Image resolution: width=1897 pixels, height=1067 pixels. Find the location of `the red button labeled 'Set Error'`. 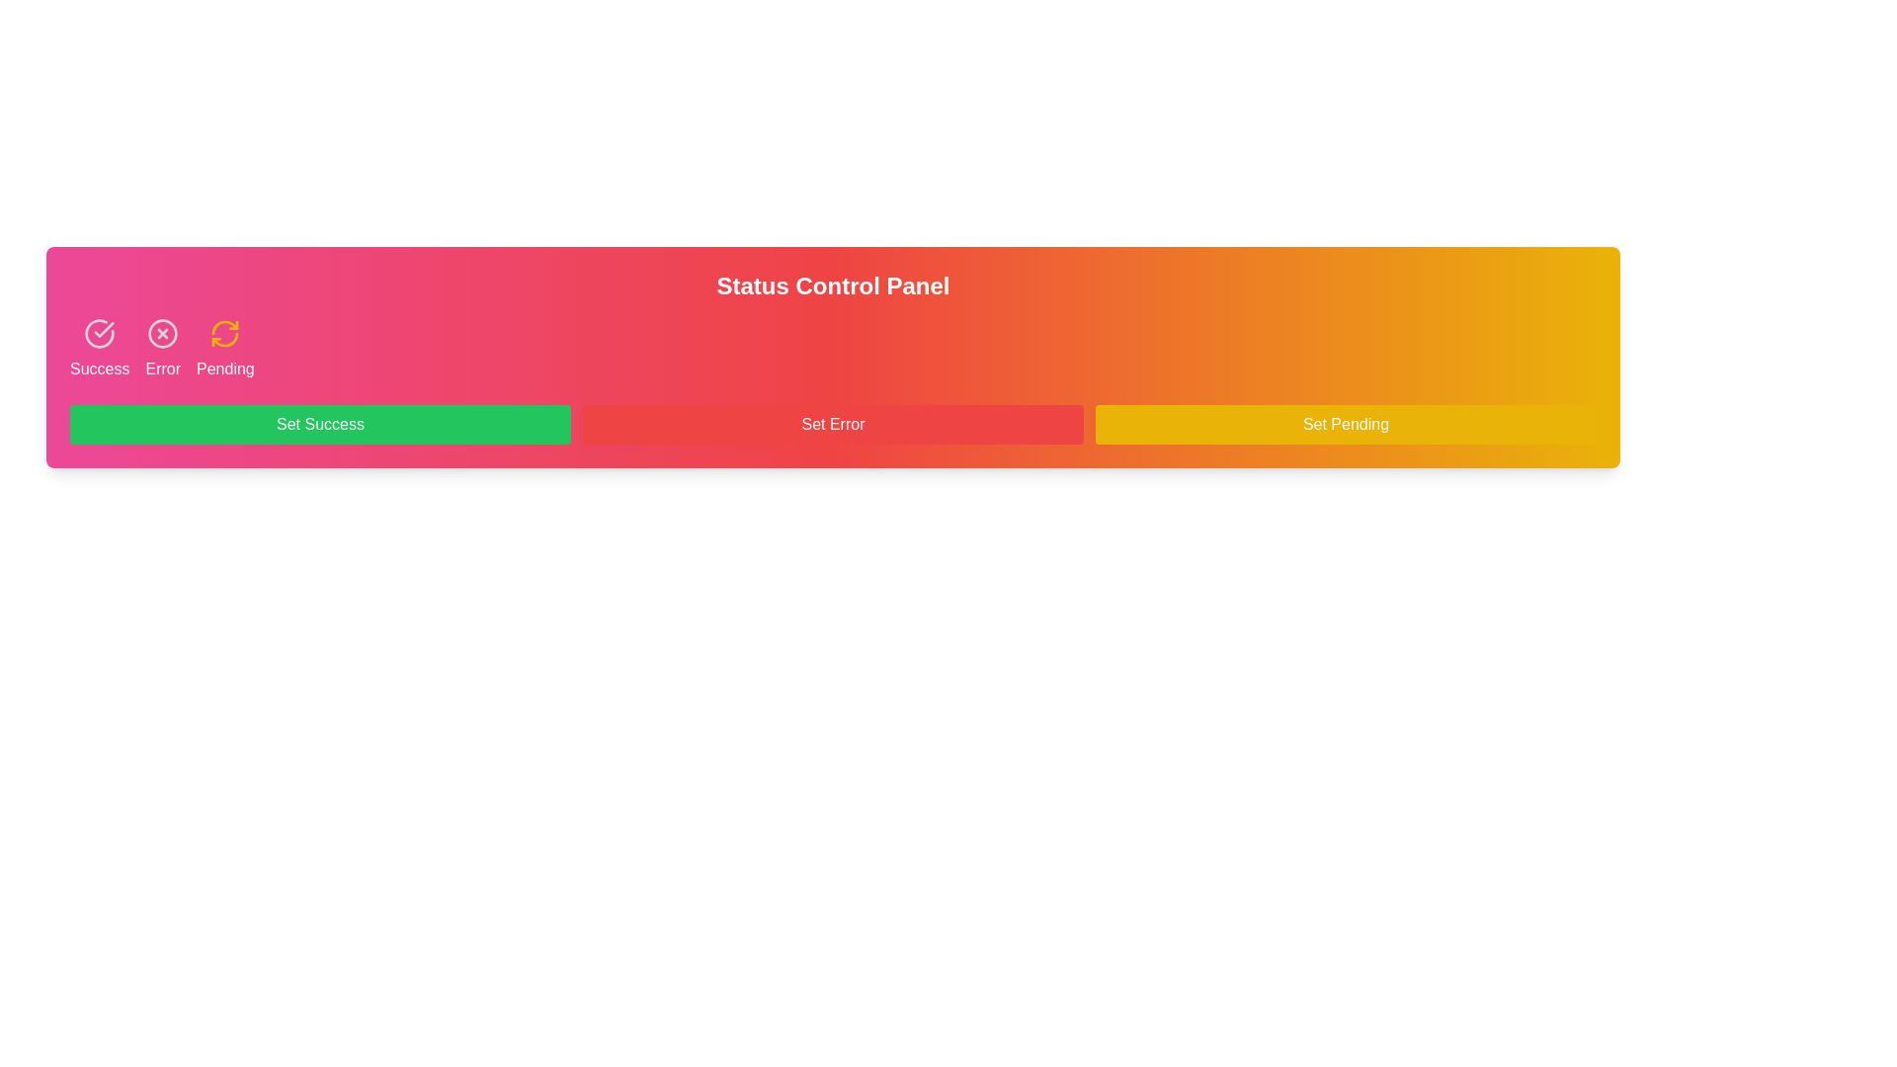

the red button labeled 'Set Error' is located at coordinates (833, 423).